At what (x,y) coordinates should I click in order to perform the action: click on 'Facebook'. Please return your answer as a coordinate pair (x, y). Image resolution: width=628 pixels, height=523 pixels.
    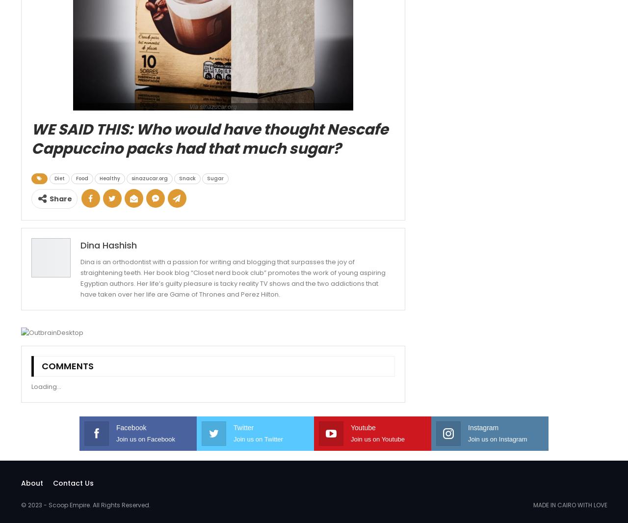
    Looking at the image, I should click on (116, 427).